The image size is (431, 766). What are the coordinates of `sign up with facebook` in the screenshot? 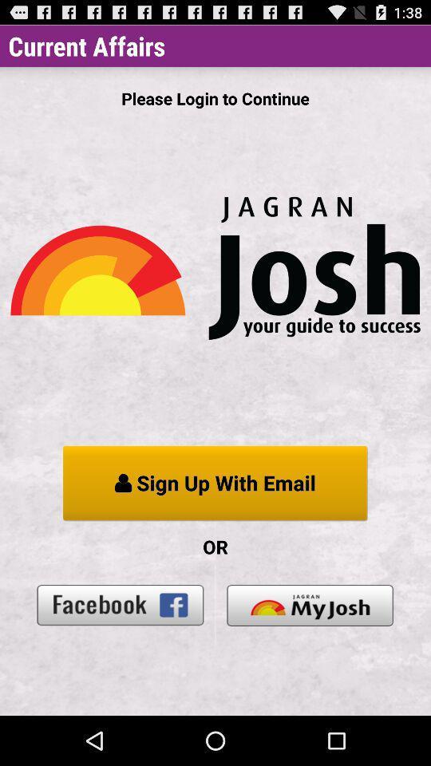 It's located at (120, 604).